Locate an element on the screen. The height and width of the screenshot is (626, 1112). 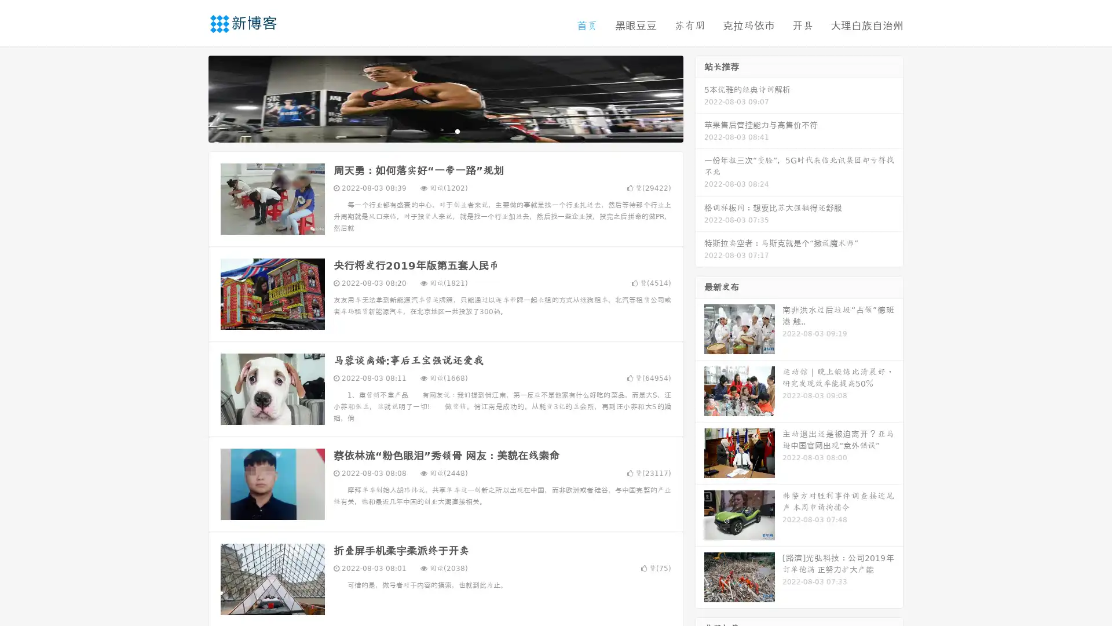
Next slide is located at coordinates (700, 97).